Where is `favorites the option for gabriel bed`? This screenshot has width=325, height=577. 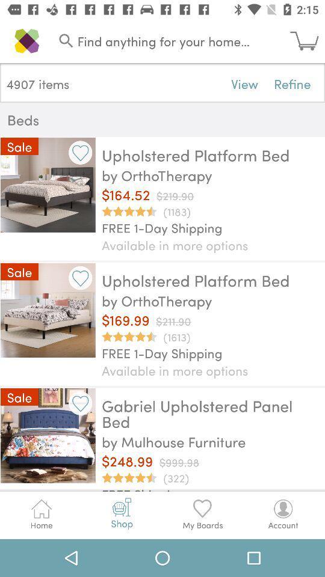 favorites the option for gabriel bed is located at coordinates (80, 403).